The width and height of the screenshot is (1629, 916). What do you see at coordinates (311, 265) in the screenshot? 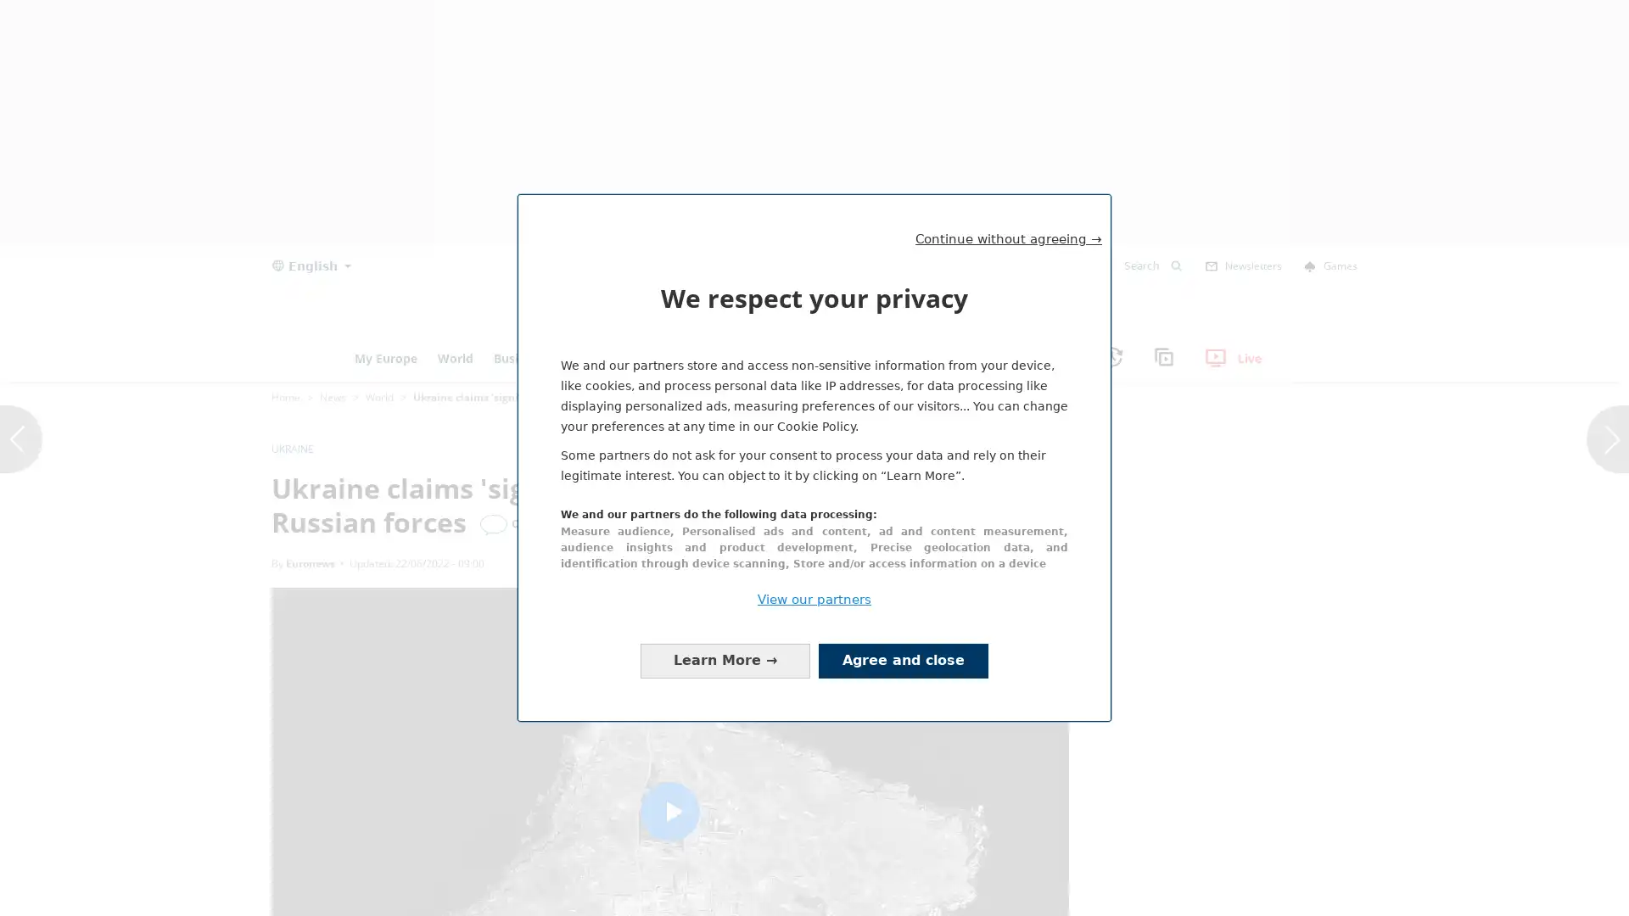
I see `English` at bounding box center [311, 265].